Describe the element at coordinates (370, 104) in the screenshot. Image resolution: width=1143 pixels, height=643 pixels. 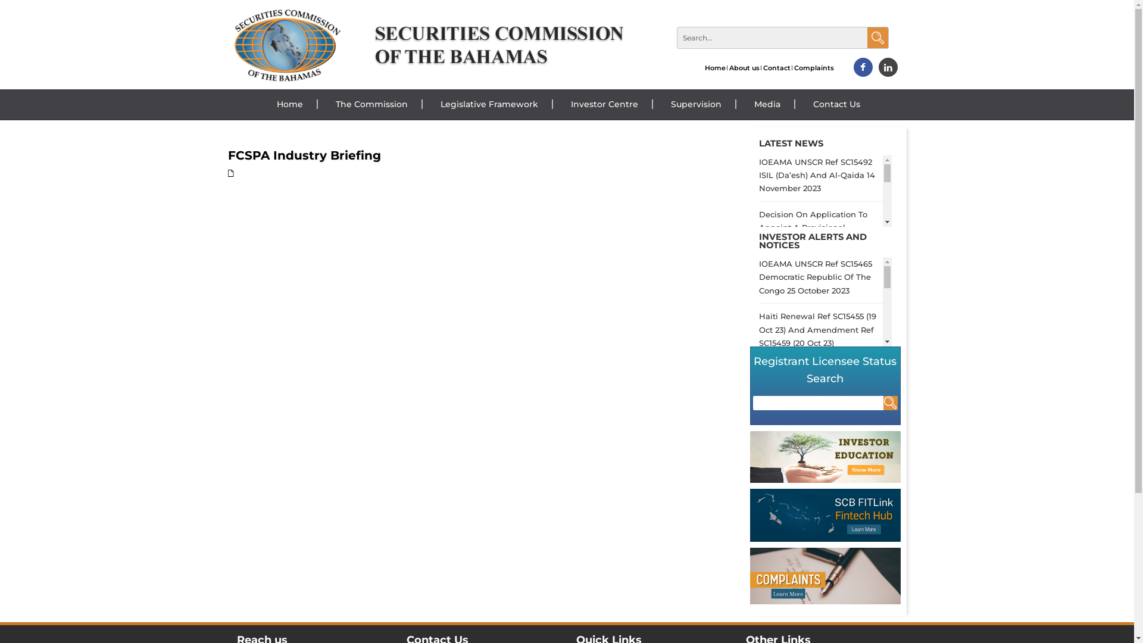
I see `'The Commission'` at that location.